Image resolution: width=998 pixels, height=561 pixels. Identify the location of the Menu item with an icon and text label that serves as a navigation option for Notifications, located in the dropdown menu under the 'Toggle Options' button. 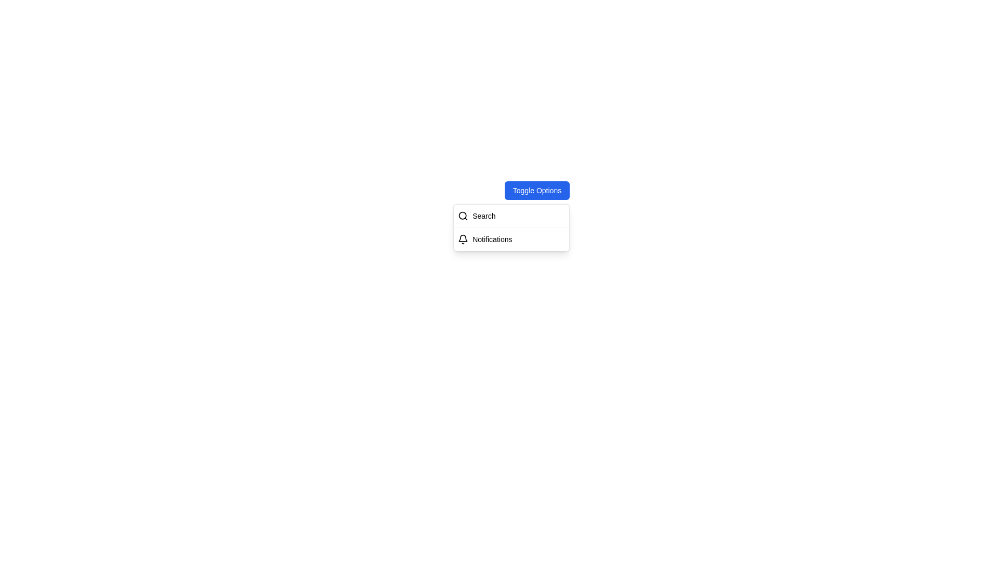
(511, 239).